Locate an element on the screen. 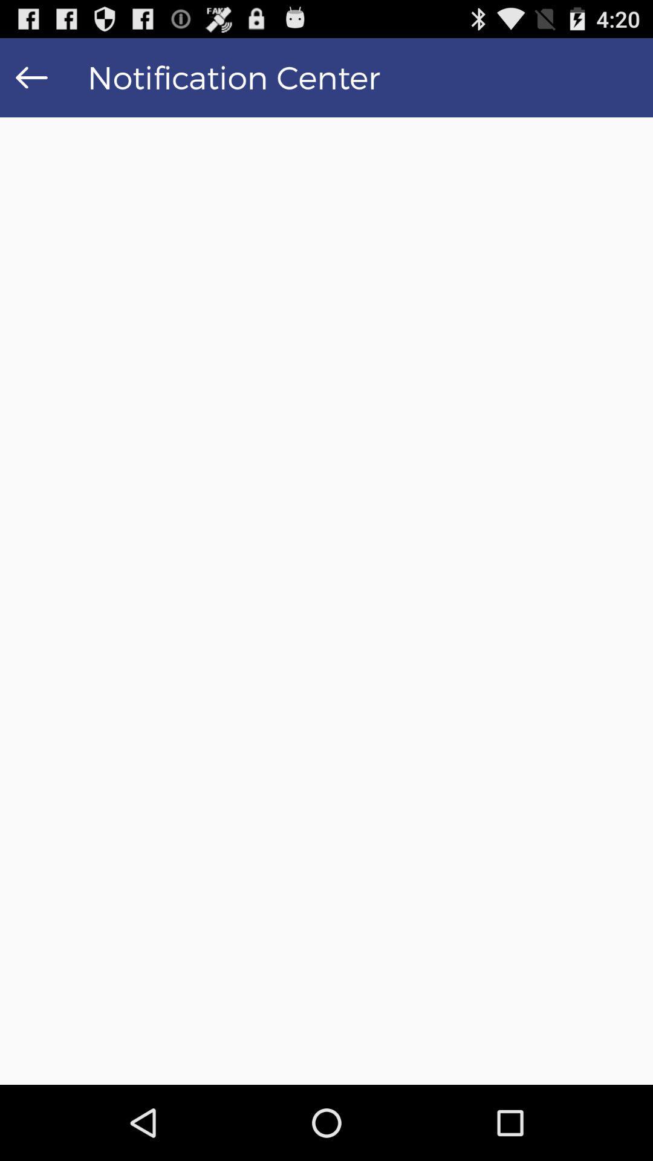  the arrow_backward icon is located at coordinates (31, 82).